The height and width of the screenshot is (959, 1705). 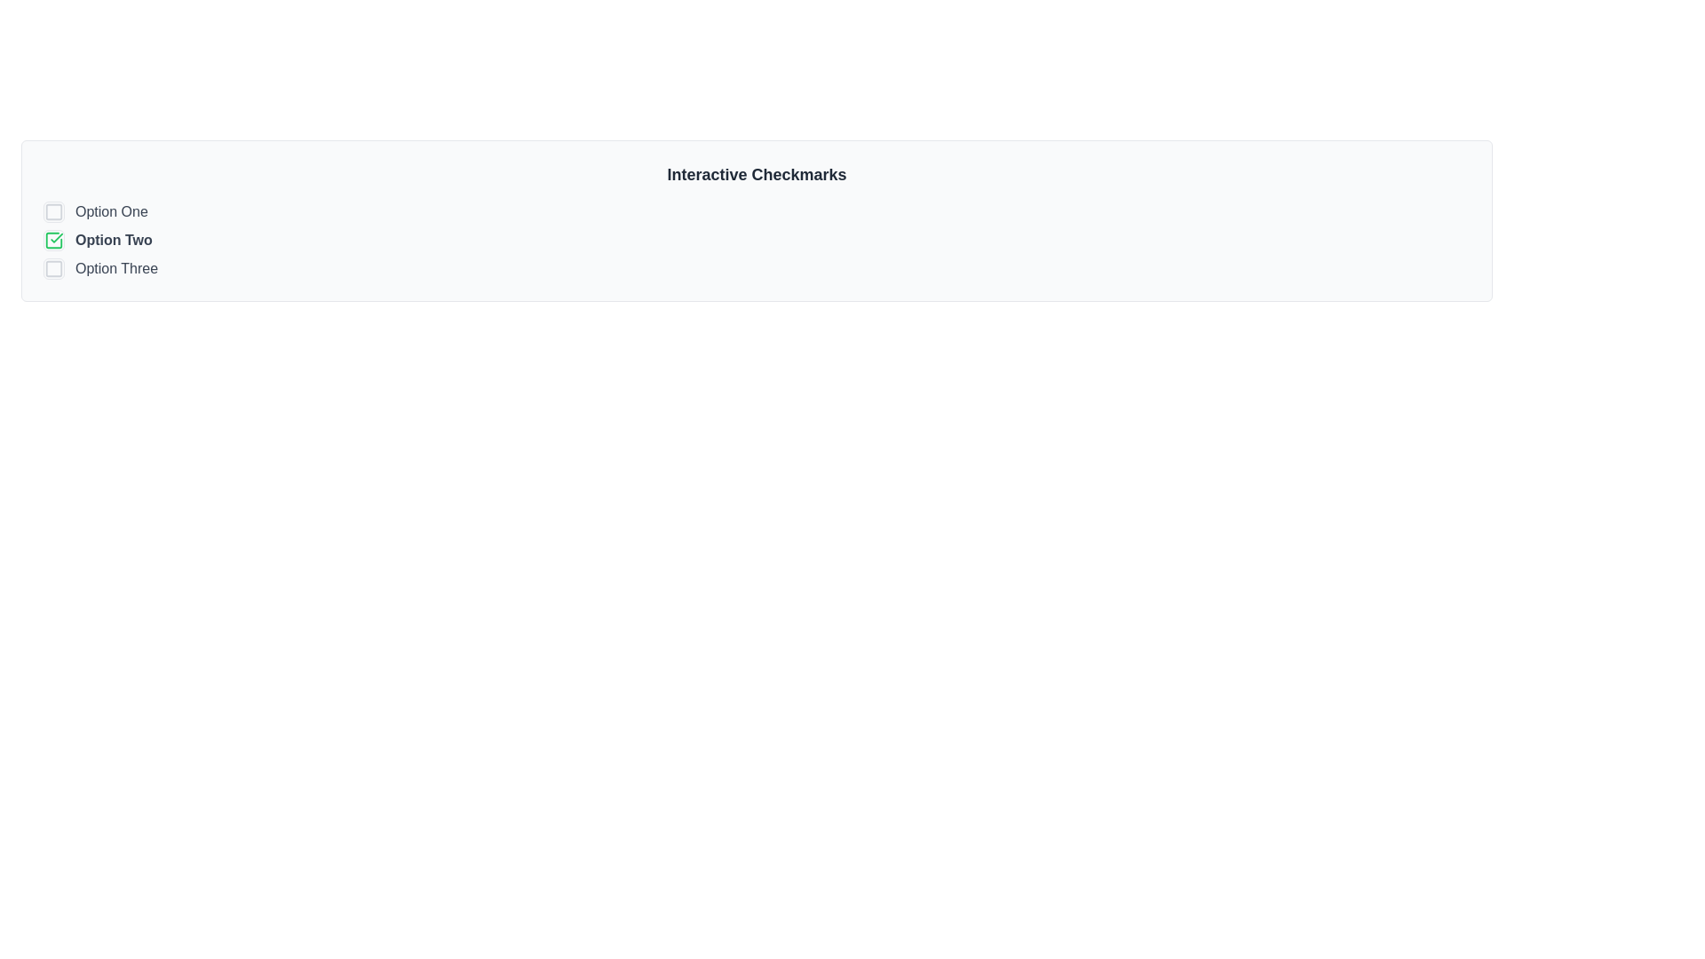 I want to click on the checkbox for 'Option Two', so click(x=54, y=240).